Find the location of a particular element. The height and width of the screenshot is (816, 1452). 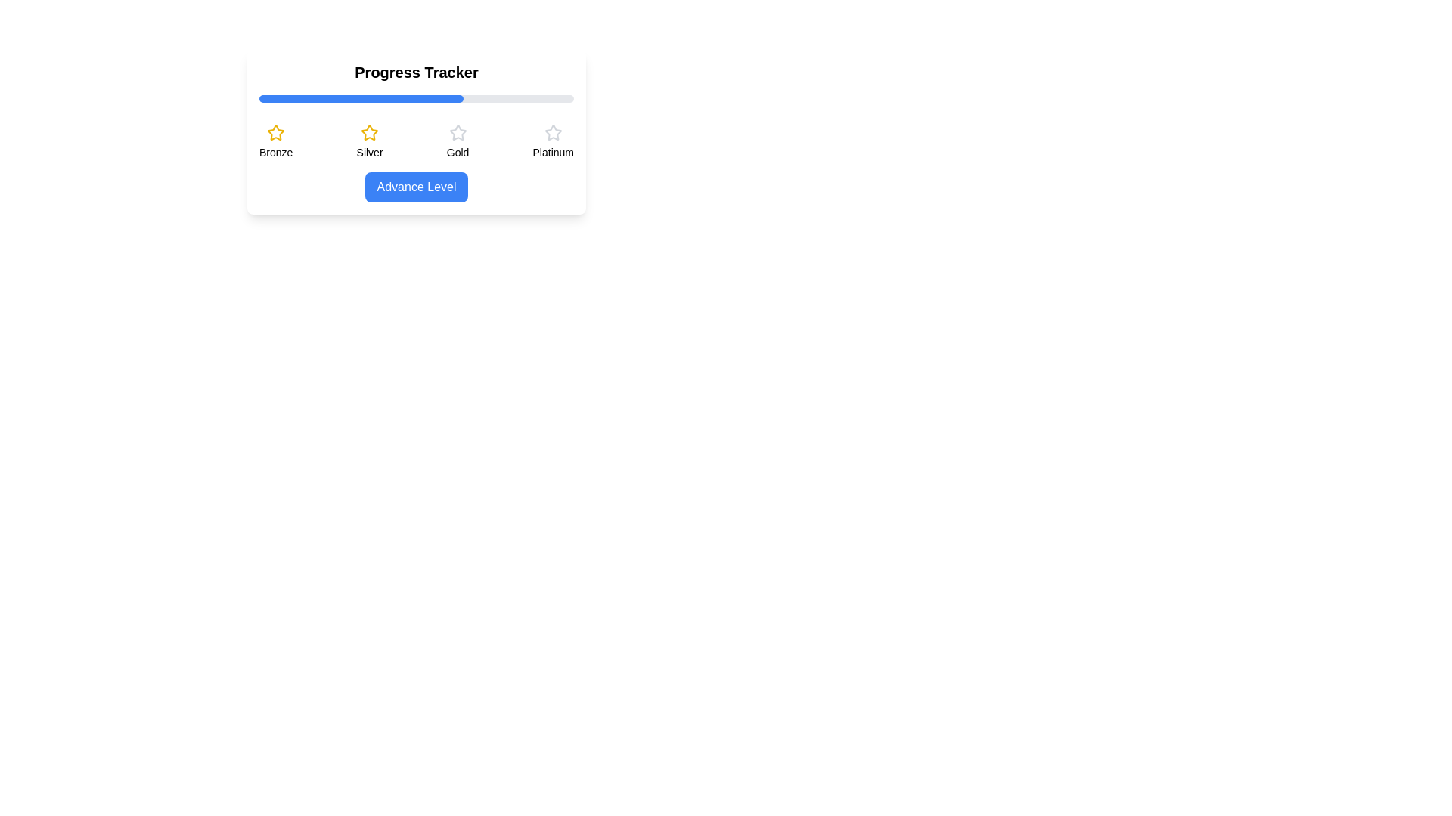

the text label displaying 'Gold', which is centrally aligned below a star icon and above the 'Advance Level' button is located at coordinates (457, 152).